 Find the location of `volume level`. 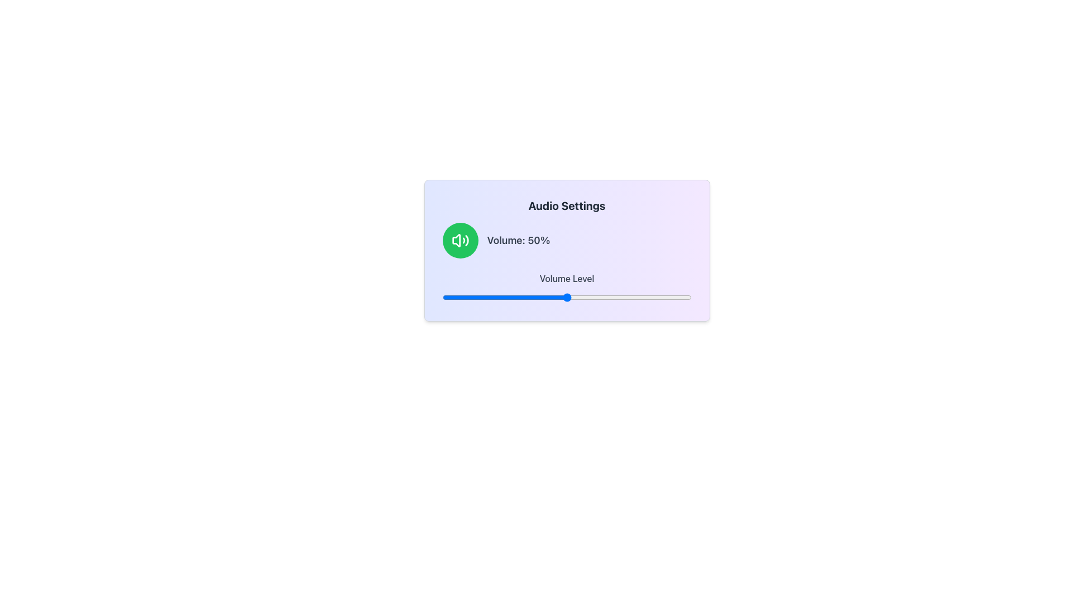

volume level is located at coordinates (534, 296).